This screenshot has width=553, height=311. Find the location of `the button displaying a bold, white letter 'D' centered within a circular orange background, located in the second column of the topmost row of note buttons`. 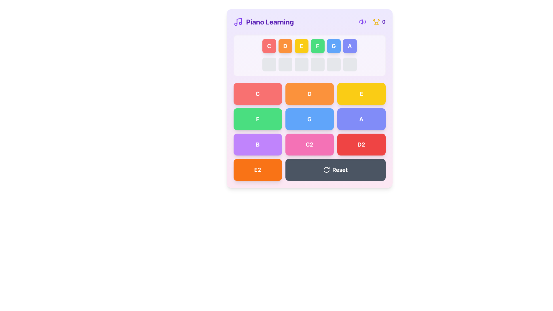

the button displaying a bold, white letter 'D' centered within a circular orange background, located in the second column of the topmost row of note buttons is located at coordinates (285, 45).